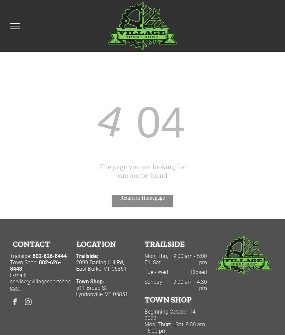 The height and width of the screenshot is (335, 285). I want to click on 'can not be found', so click(142, 175).